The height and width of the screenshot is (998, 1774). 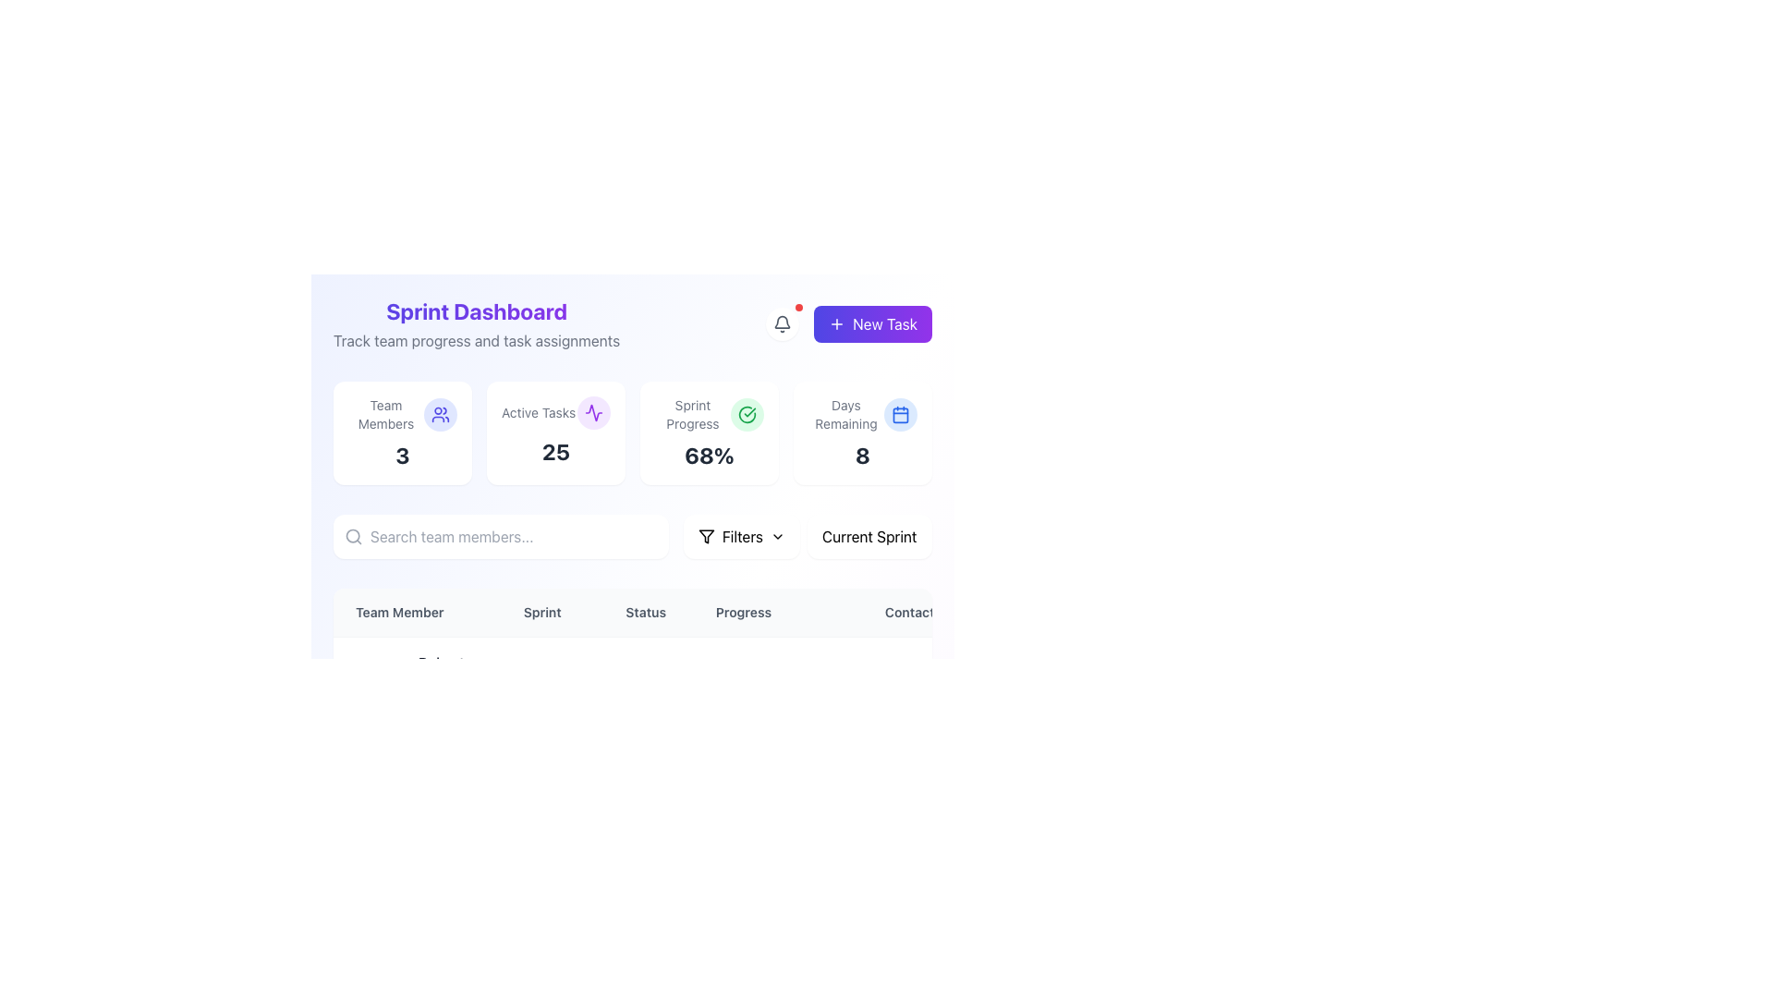 What do you see at coordinates (719, 613) in the screenshot?
I see `the Table Header Row containing labels 'Team Member', 'Sprint', 'Status', 'Progress', and 'Contact' to observe any hover effects` at bounding box center [719, 613].